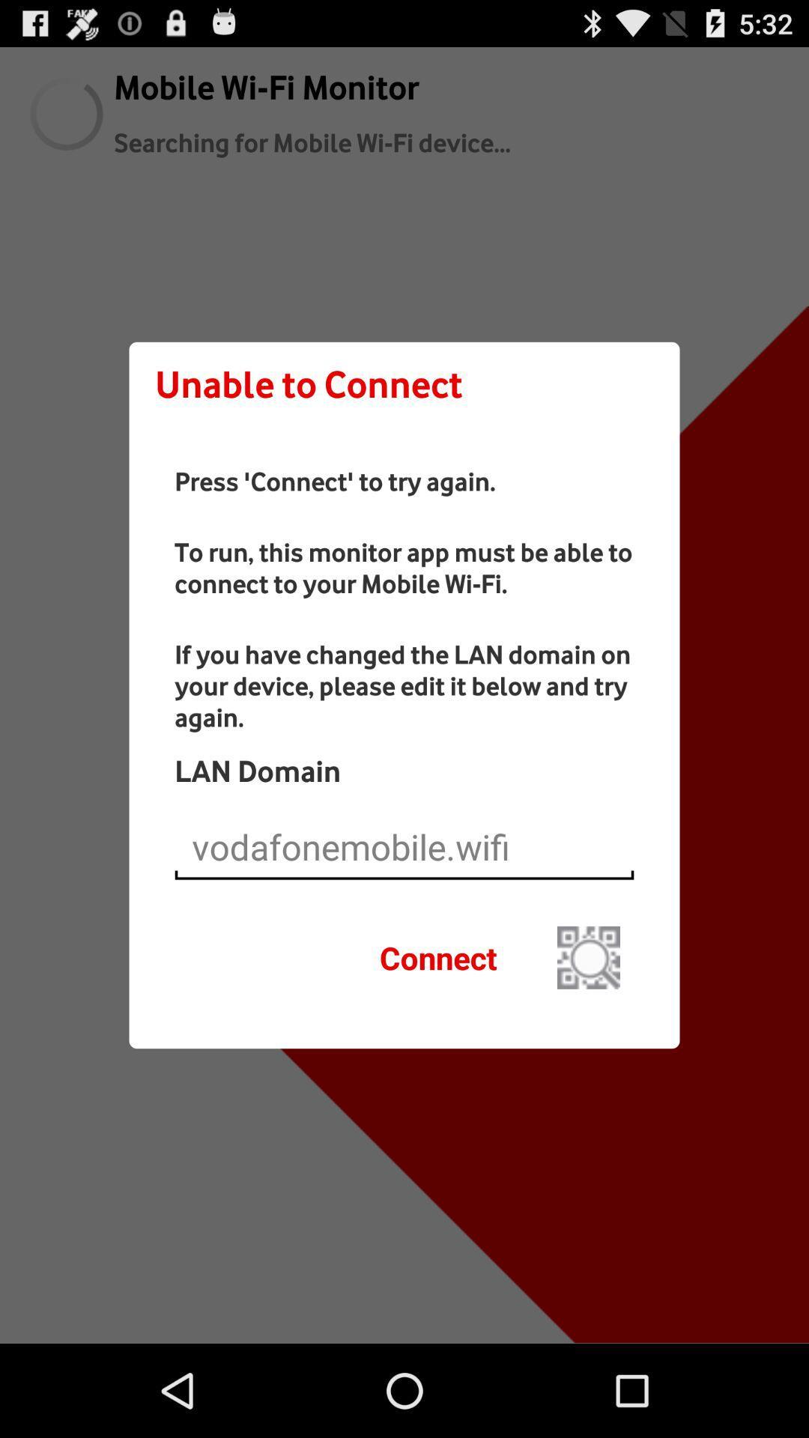  Describe the element at coordinates (588, 956) in the screenshot. I see `open qr camera` at that location.